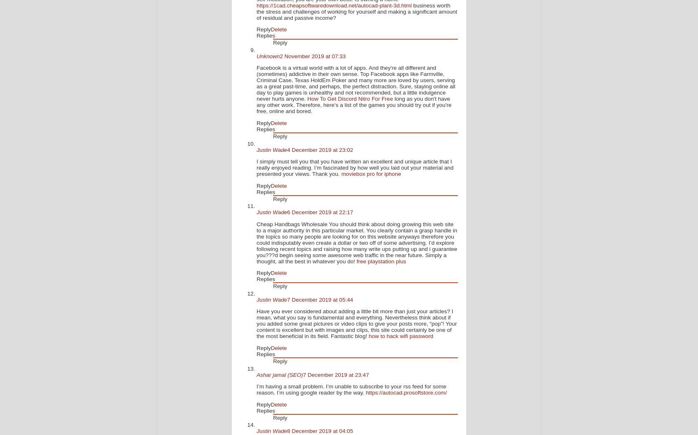  I want to click on '7 December 2019 at 05:44', so click(287, 299).